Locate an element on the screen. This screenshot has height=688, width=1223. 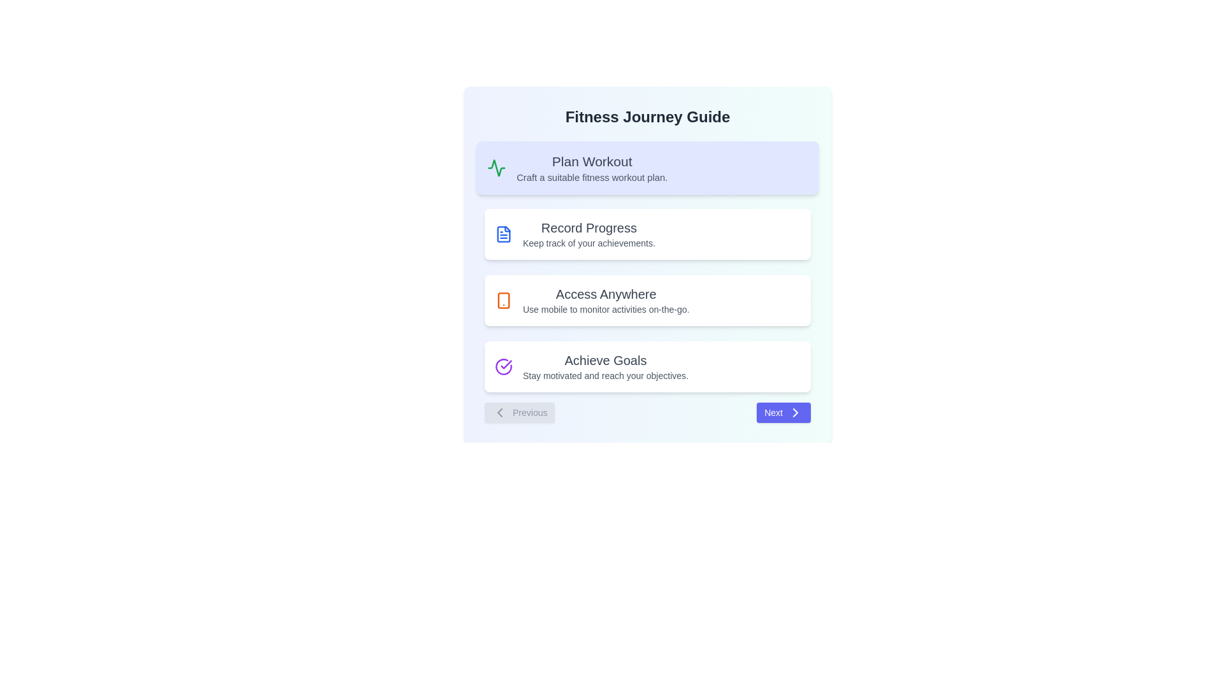
the back arrow icon located near the bottom left corner of the interface, which indicates backward navigation and is positioned just to the left of the 'Previous' button is located at coordinates (499, 413).